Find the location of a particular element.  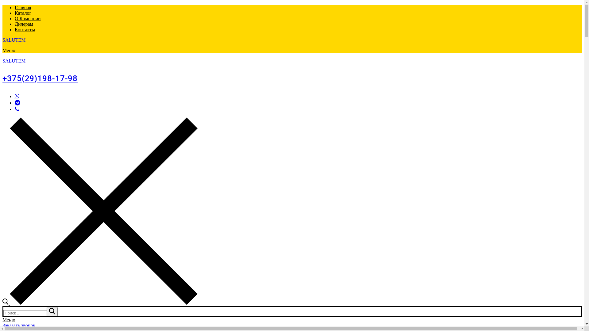

'SALUTEM' is located at coordinates (2, 61).